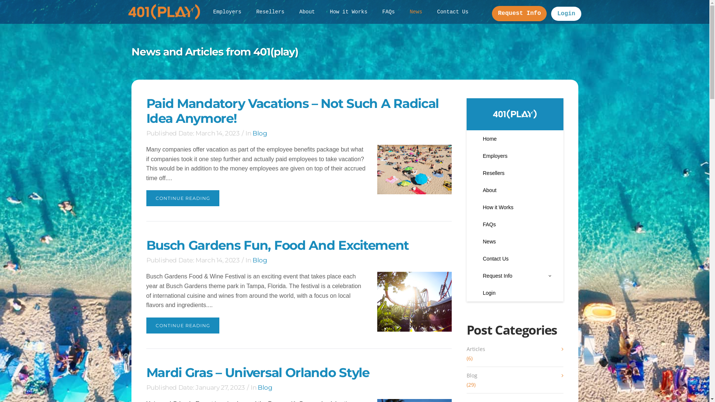 This screenshot has height=402, width=715. I want to click on 'Contact Us', so click(452, 12).